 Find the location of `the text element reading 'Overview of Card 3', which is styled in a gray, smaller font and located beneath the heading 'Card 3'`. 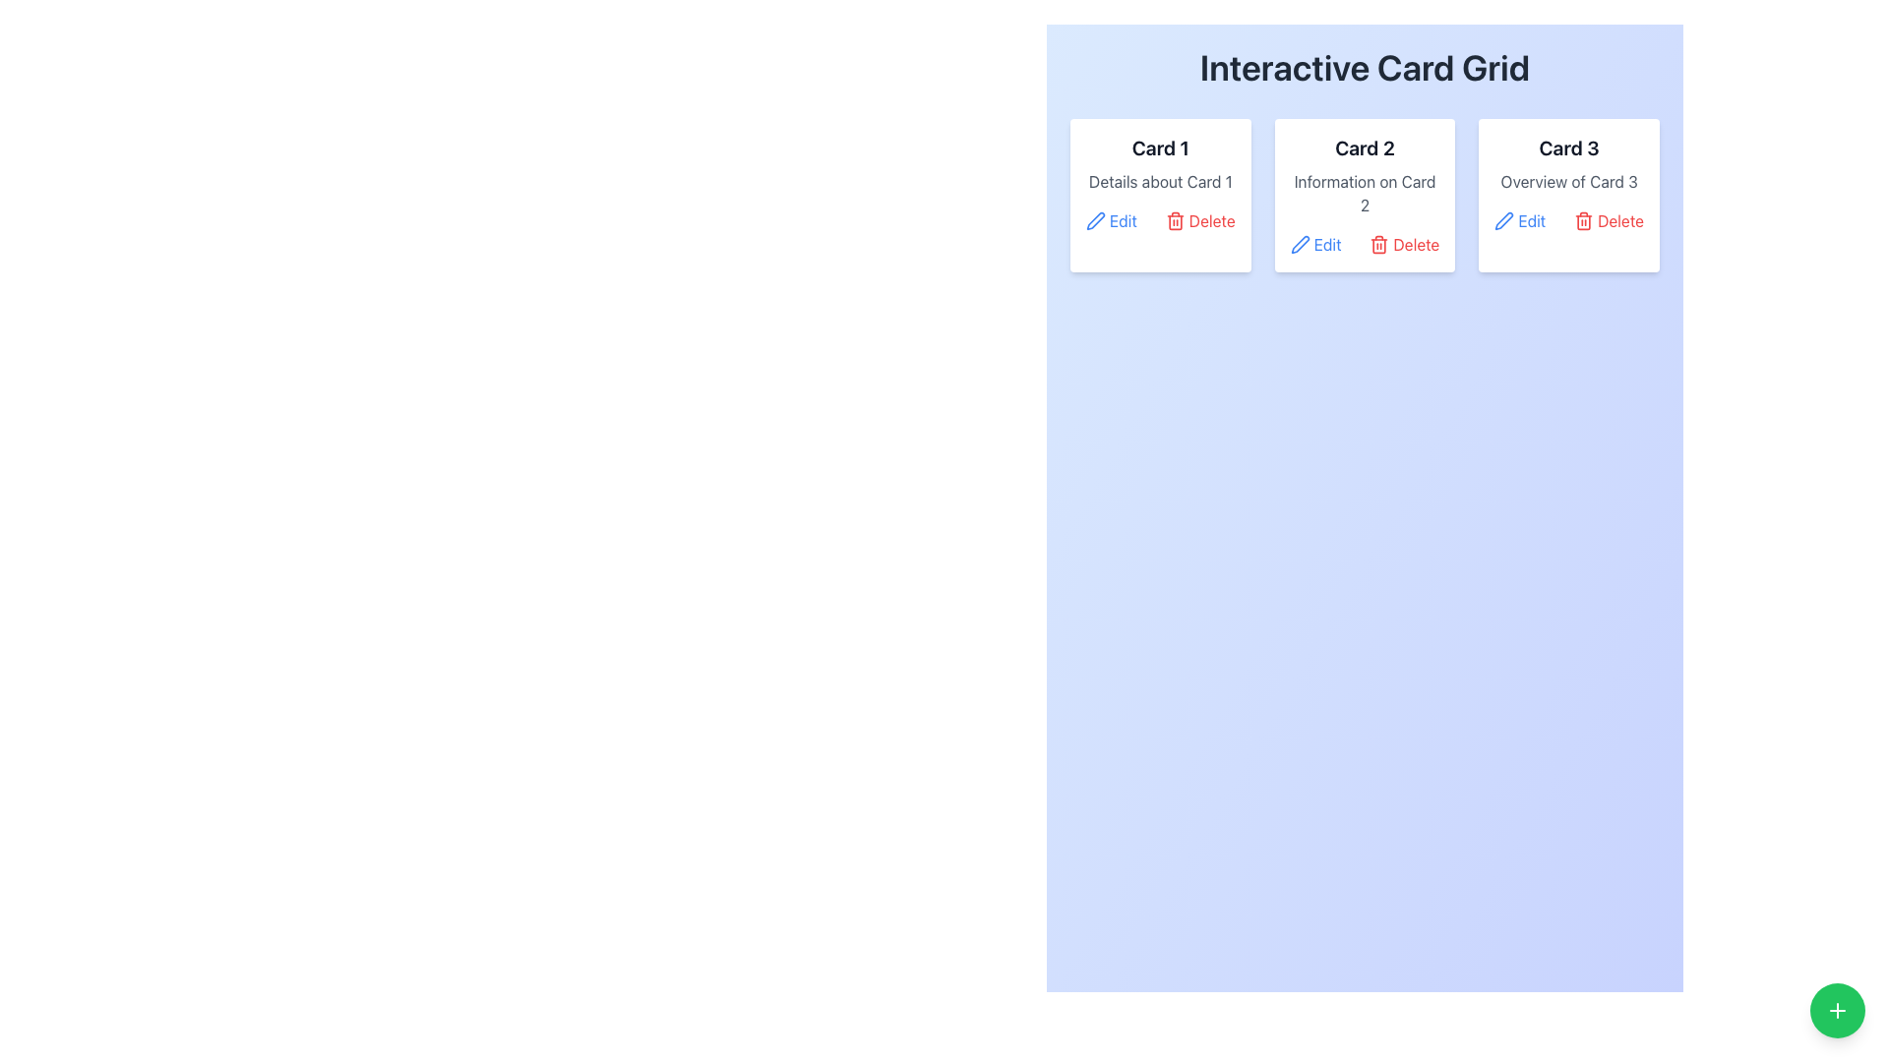

the text element reading 'Overview of Card 3', which is styled in a gray, smaller font and located beneath the heading 'Card 3' is located at coordinates (1568, 182).